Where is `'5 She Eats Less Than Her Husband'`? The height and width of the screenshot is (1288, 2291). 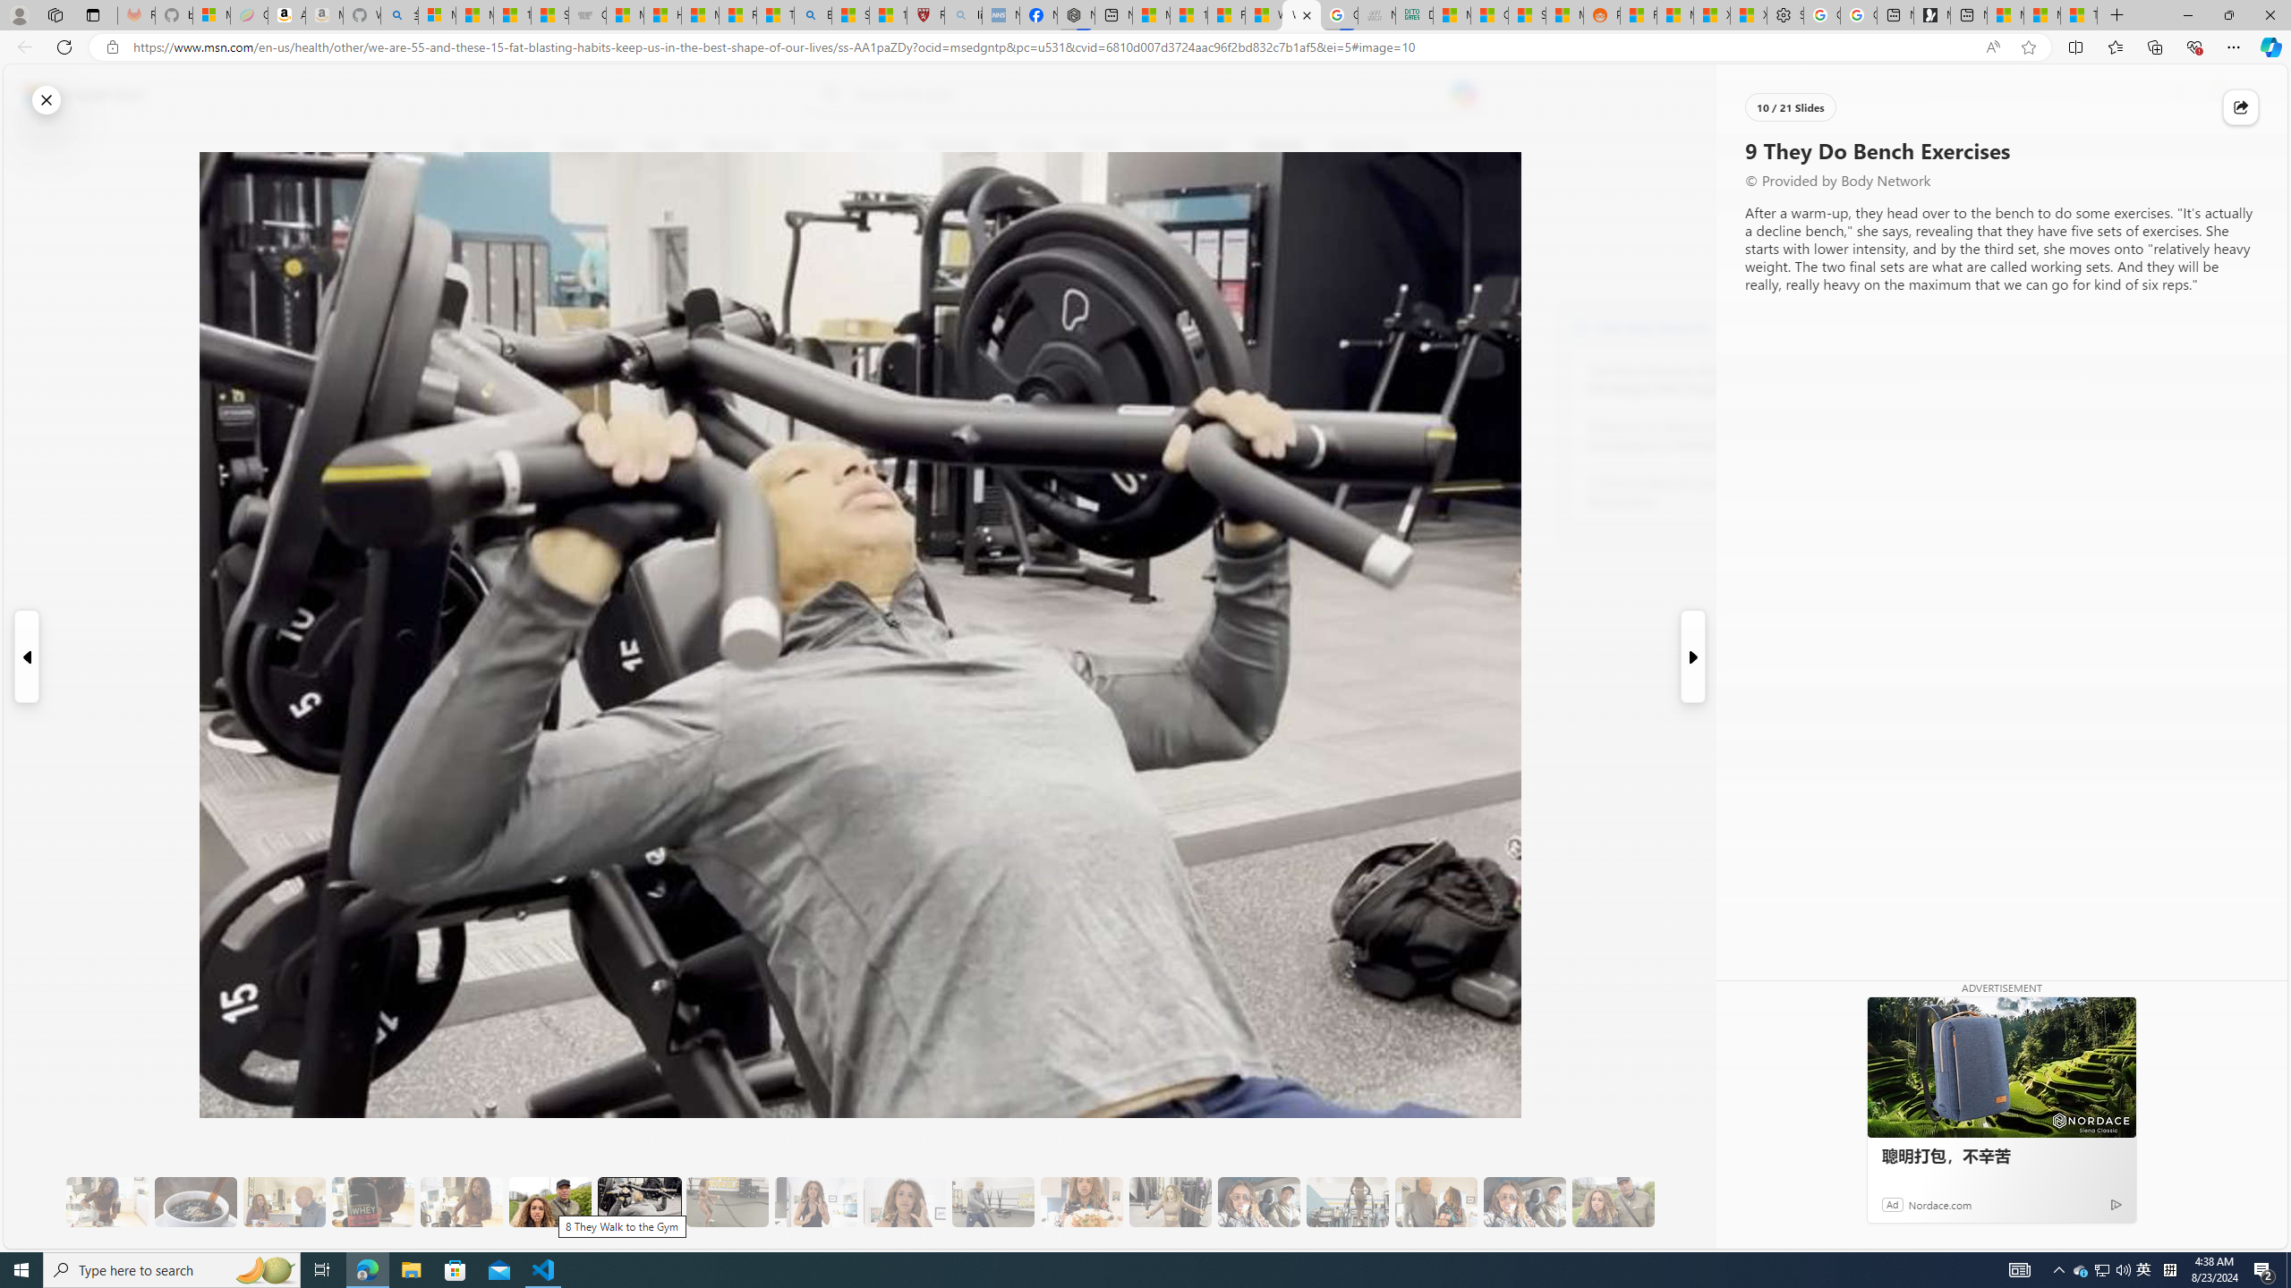 '5 She Eats Less Than Her Husband' is located at coordinates (284, 1202).